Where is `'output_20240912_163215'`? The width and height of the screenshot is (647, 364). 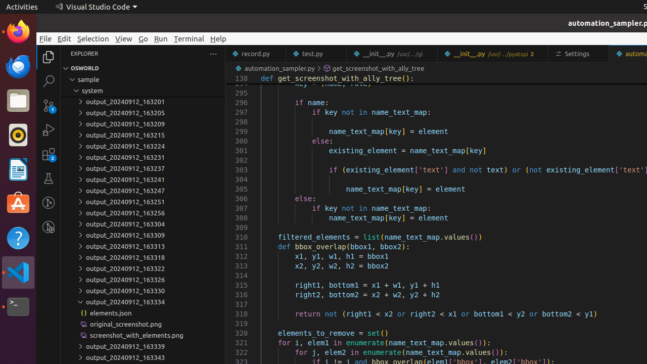 'output_20240912_163215' is located at coordinates (142, 134).